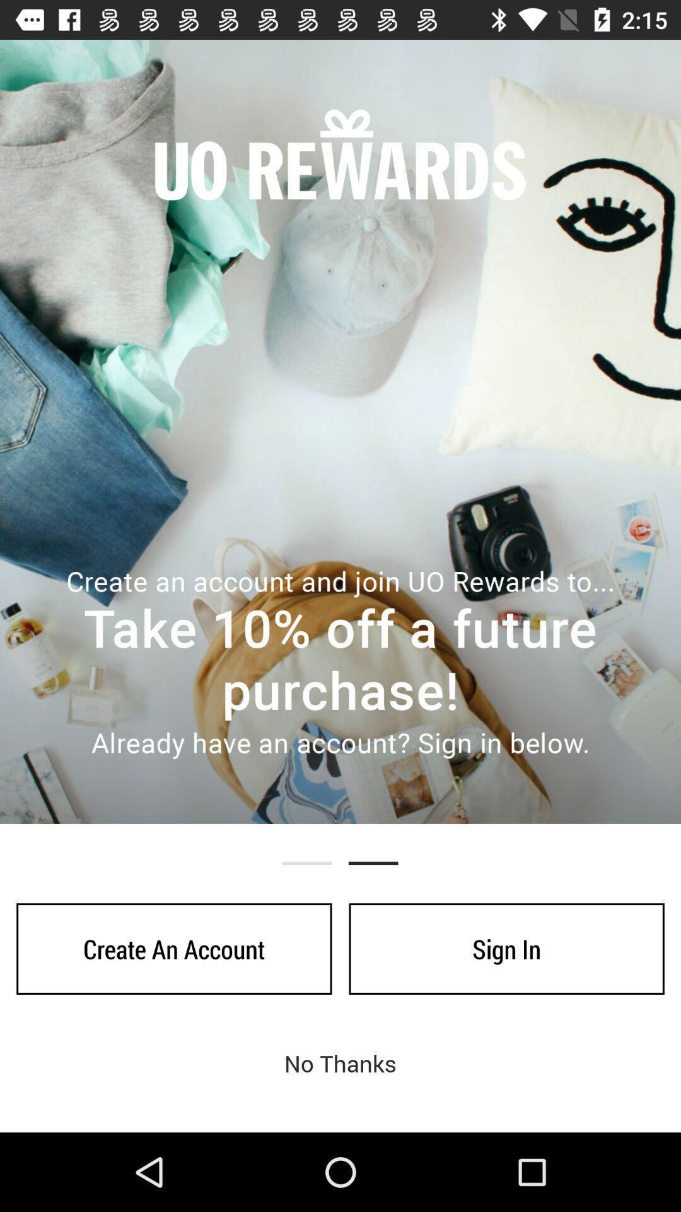 This screenshot has width=681, height=1212. Describe the element at coordinates (506, 949) in the screenshot. I see `the sign in` at that location.